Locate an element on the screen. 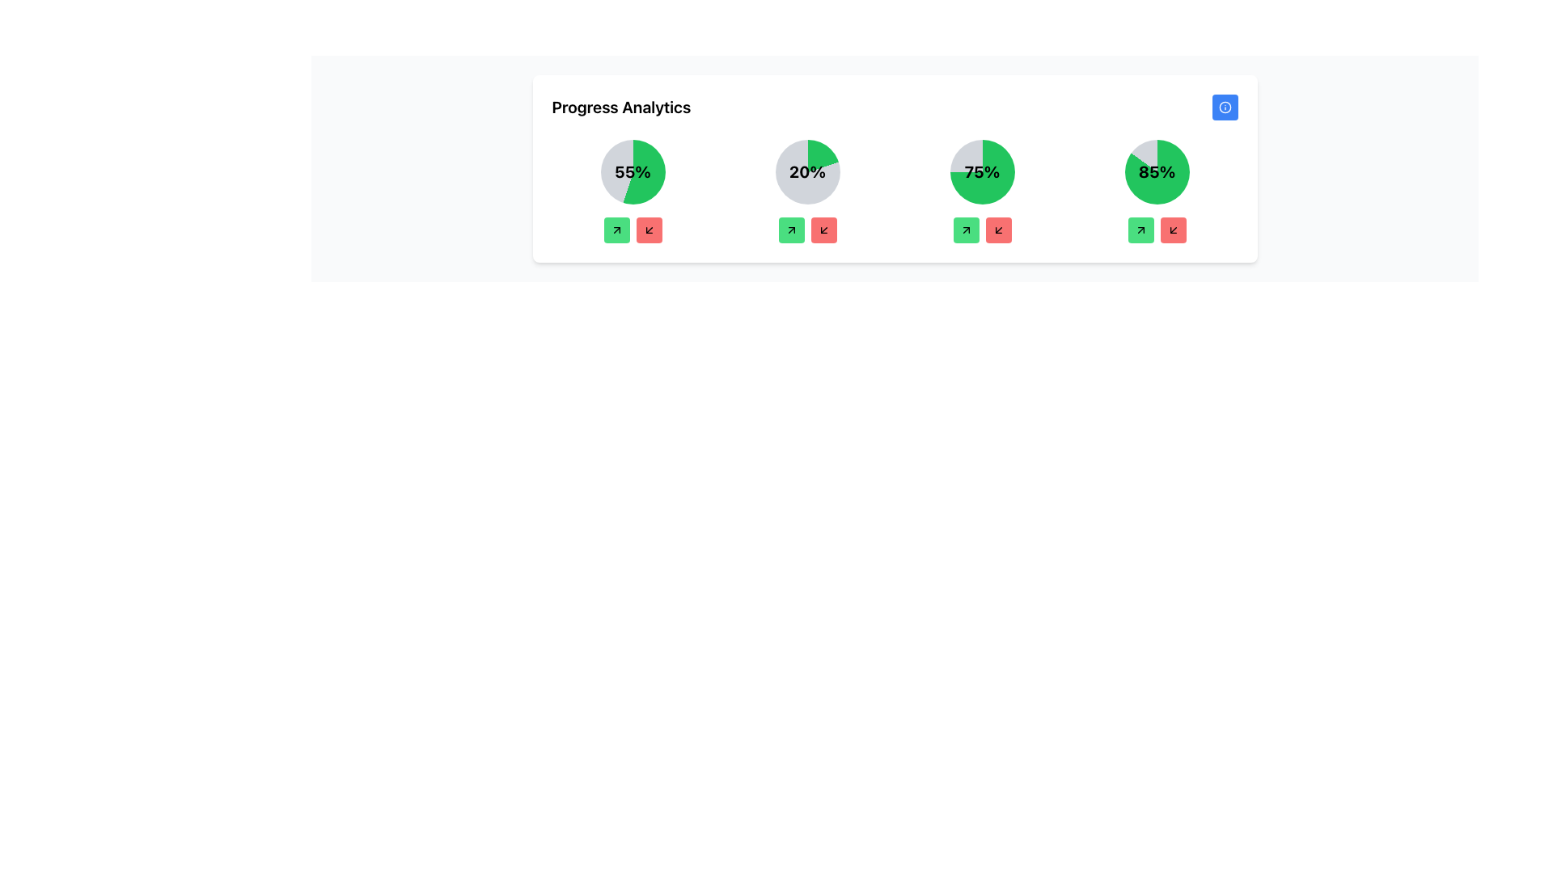 The height and width of the screenshot is (873, 1553). the button located in the bottom-left corner of the circular progress chart representing 85%, which features an upward-right arrow icon is located at coordinates (1140, 230).